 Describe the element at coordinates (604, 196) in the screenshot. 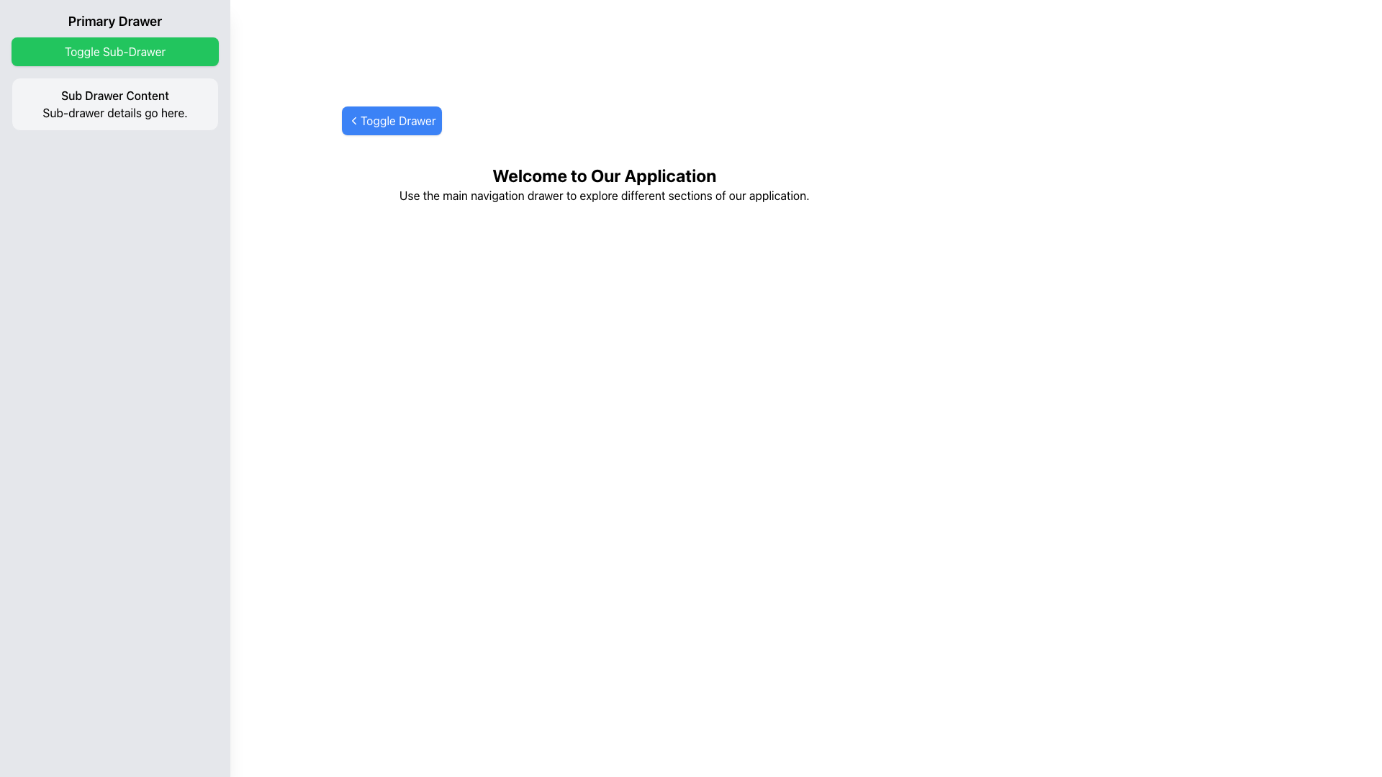

I see `the text string that reads 'Use the main navigation drawer` at that location.